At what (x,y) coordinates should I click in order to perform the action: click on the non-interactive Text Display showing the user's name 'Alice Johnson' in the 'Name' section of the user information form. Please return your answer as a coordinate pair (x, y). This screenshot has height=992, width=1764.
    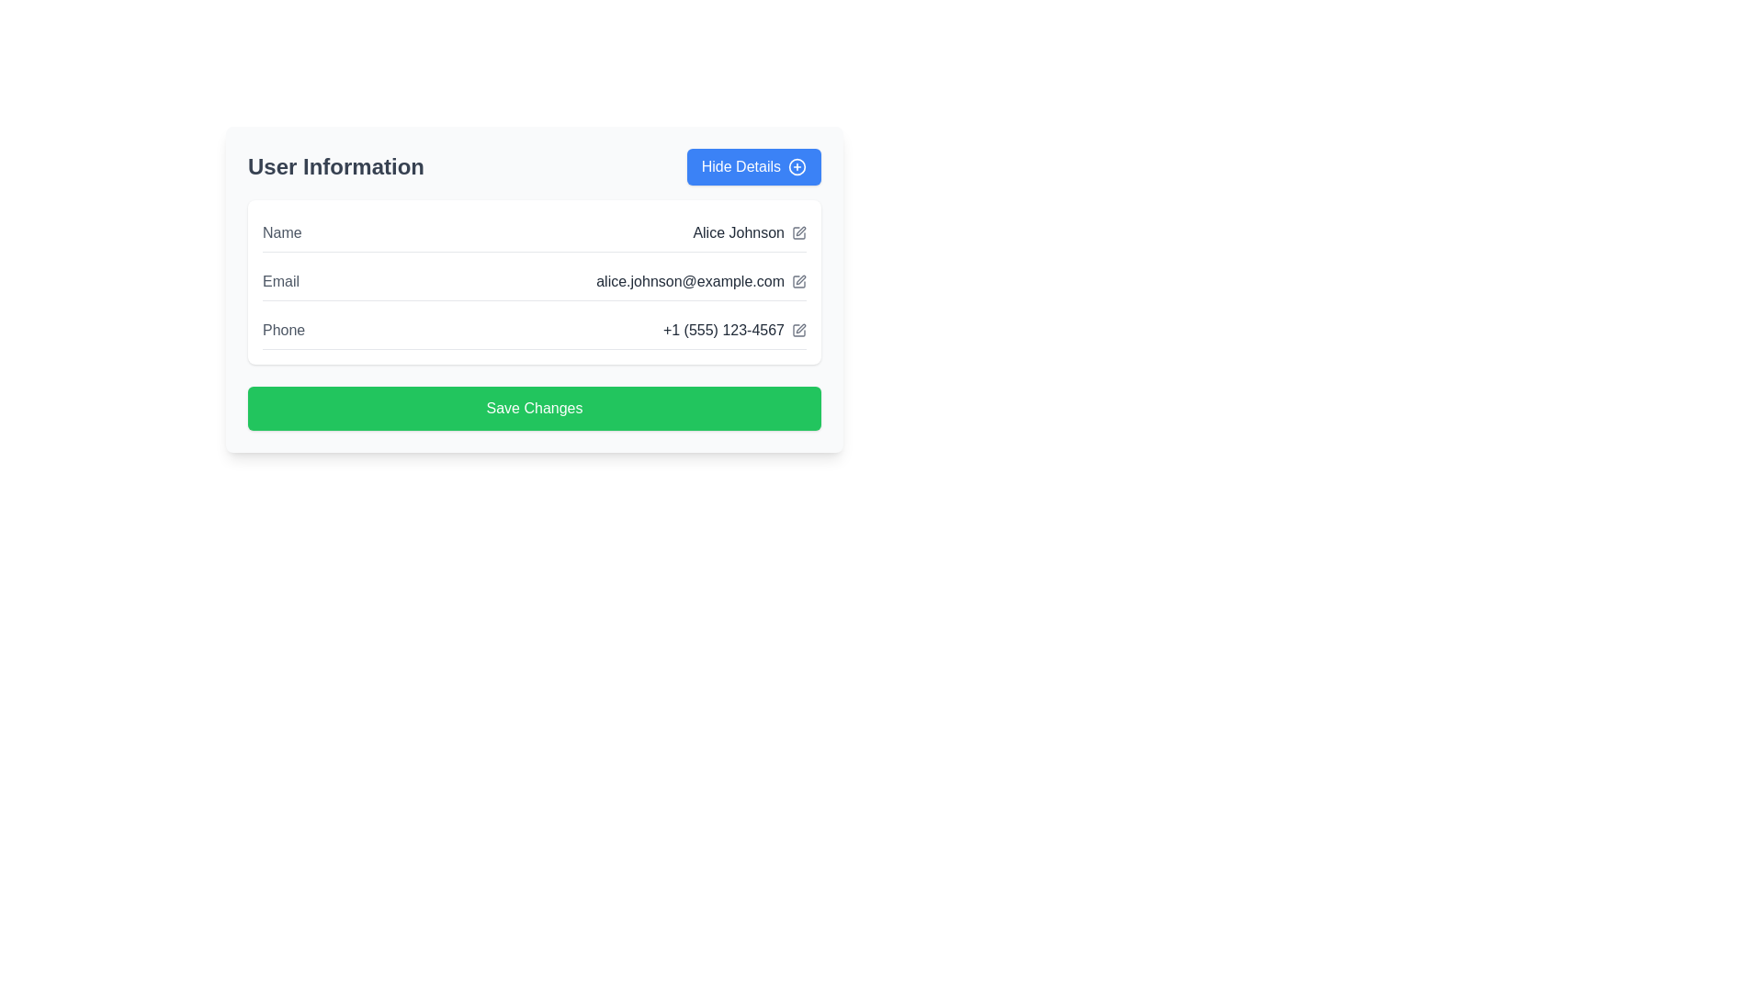
    Looking at the image, I should click on (750, 232).